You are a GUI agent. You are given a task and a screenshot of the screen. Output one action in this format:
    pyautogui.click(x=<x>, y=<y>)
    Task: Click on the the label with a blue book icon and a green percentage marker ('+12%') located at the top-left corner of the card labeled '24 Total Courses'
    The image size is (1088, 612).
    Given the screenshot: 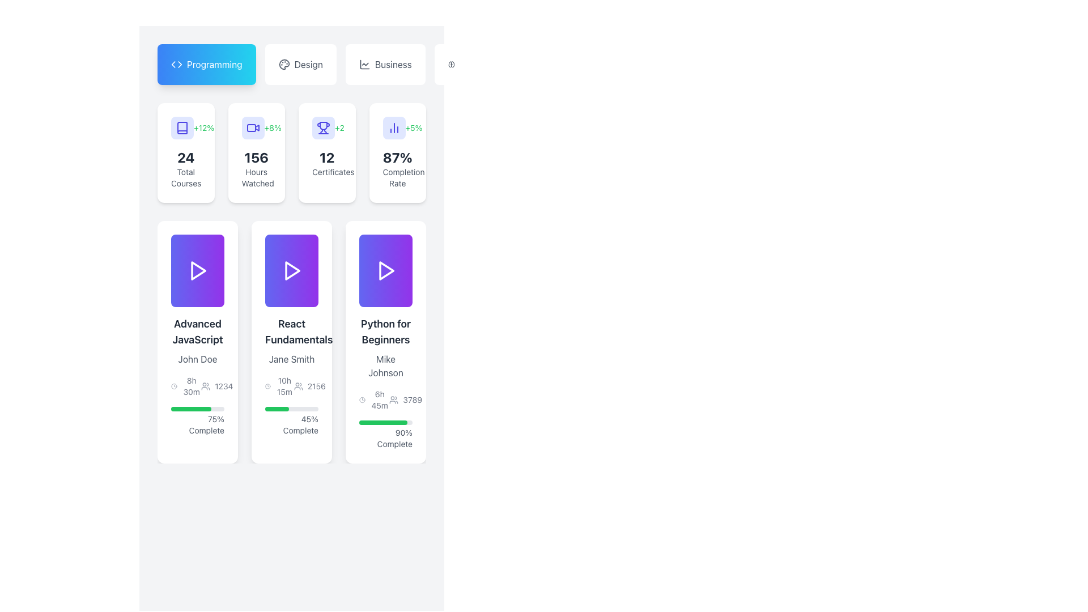 What is the action you would take?
    pyautogui.click(x=186, y=127)
    